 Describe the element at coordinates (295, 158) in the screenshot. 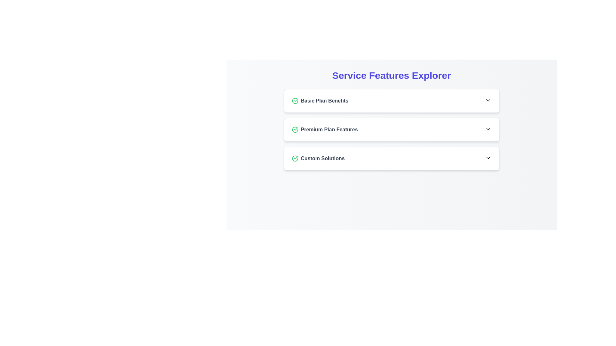

I see `the success icon that indicates a positive state for the 'Custom Solutions' feature, located to the far left of the text 'Custom Solutions'` at that location.